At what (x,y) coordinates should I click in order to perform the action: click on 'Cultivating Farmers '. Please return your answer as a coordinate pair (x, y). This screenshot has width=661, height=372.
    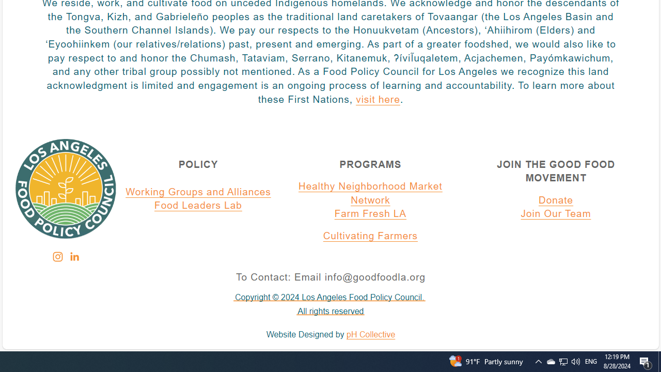
    Looking at the image, I should click on (370, 236).